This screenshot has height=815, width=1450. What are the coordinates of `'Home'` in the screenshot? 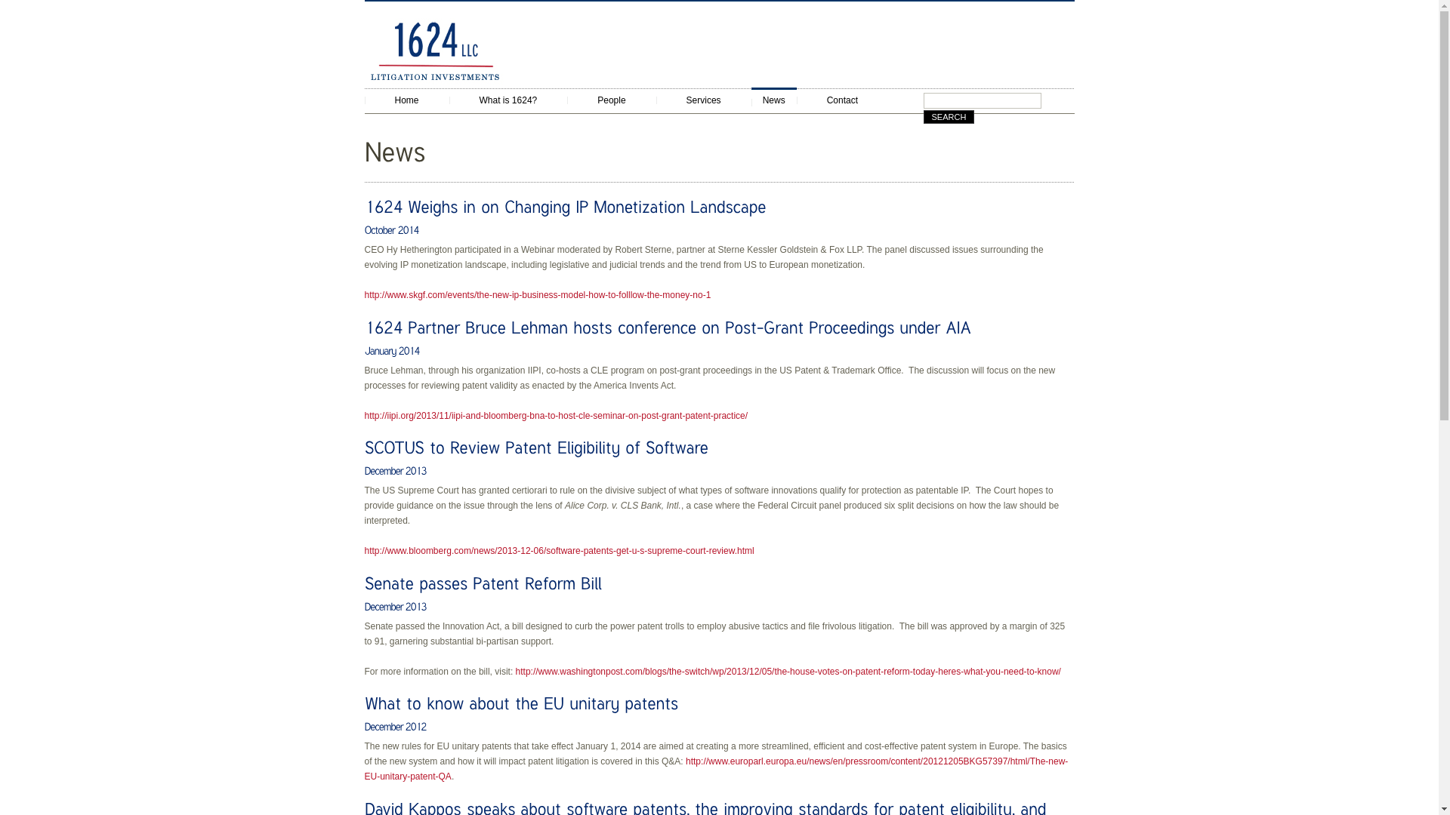 It's located at (406, 100).